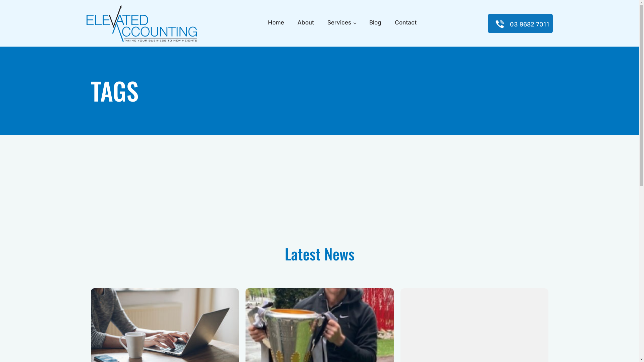  I want to click on 'About', so click(305, 23).